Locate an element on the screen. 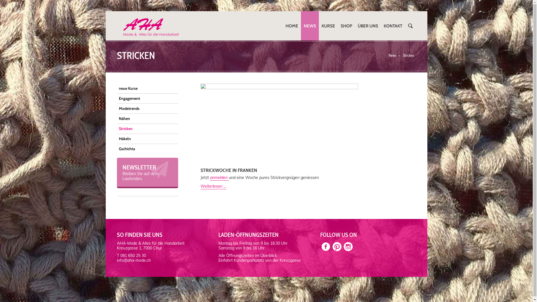  'anmelden' is located at coordinates (209, 178).